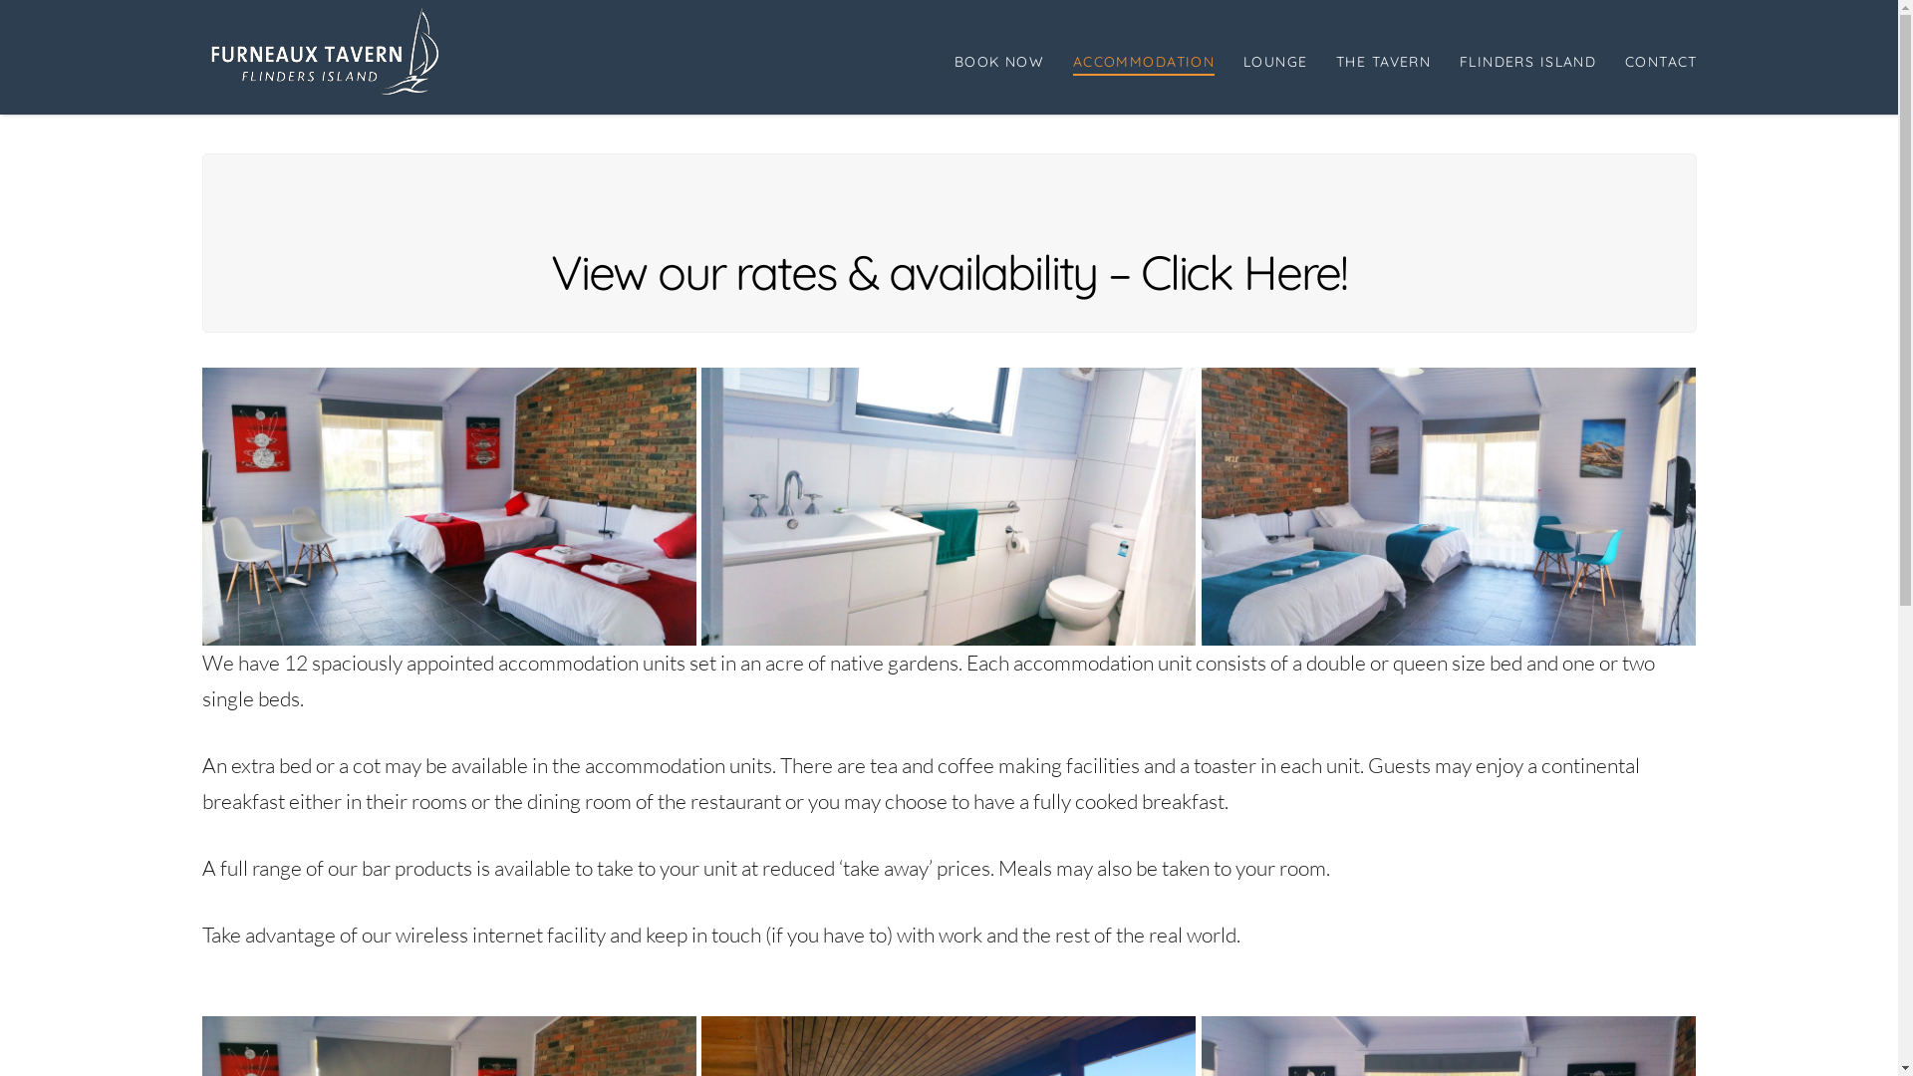  What do you see at coordinates (948, 505) in the screenshot?
I see `'Bathroom'` at bounding box center [948, 505].